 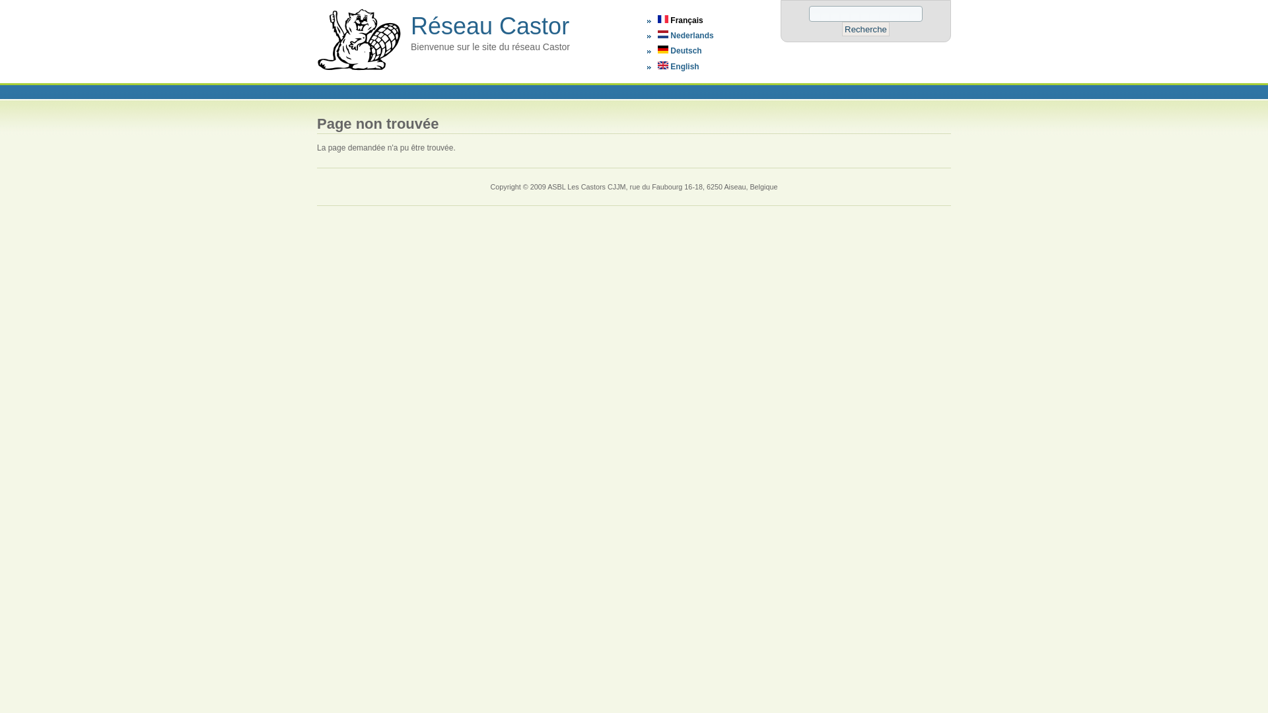 What do you see at coordinates (865, 28) in the screenshot?
I see `'Recherche'` at bounding box center [865, 28].